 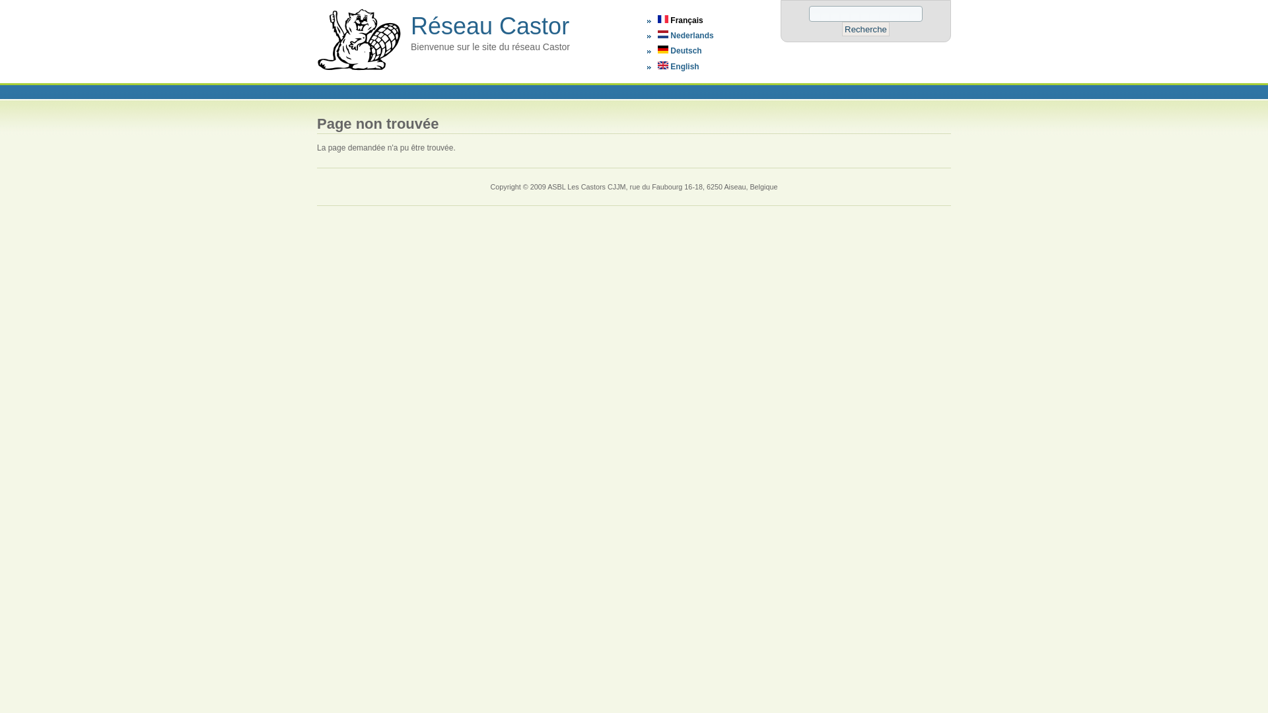 What do you see at coordinates (865, 28) in the screenshot?
I see `'Recherche'` at bounding box center [865, 28].